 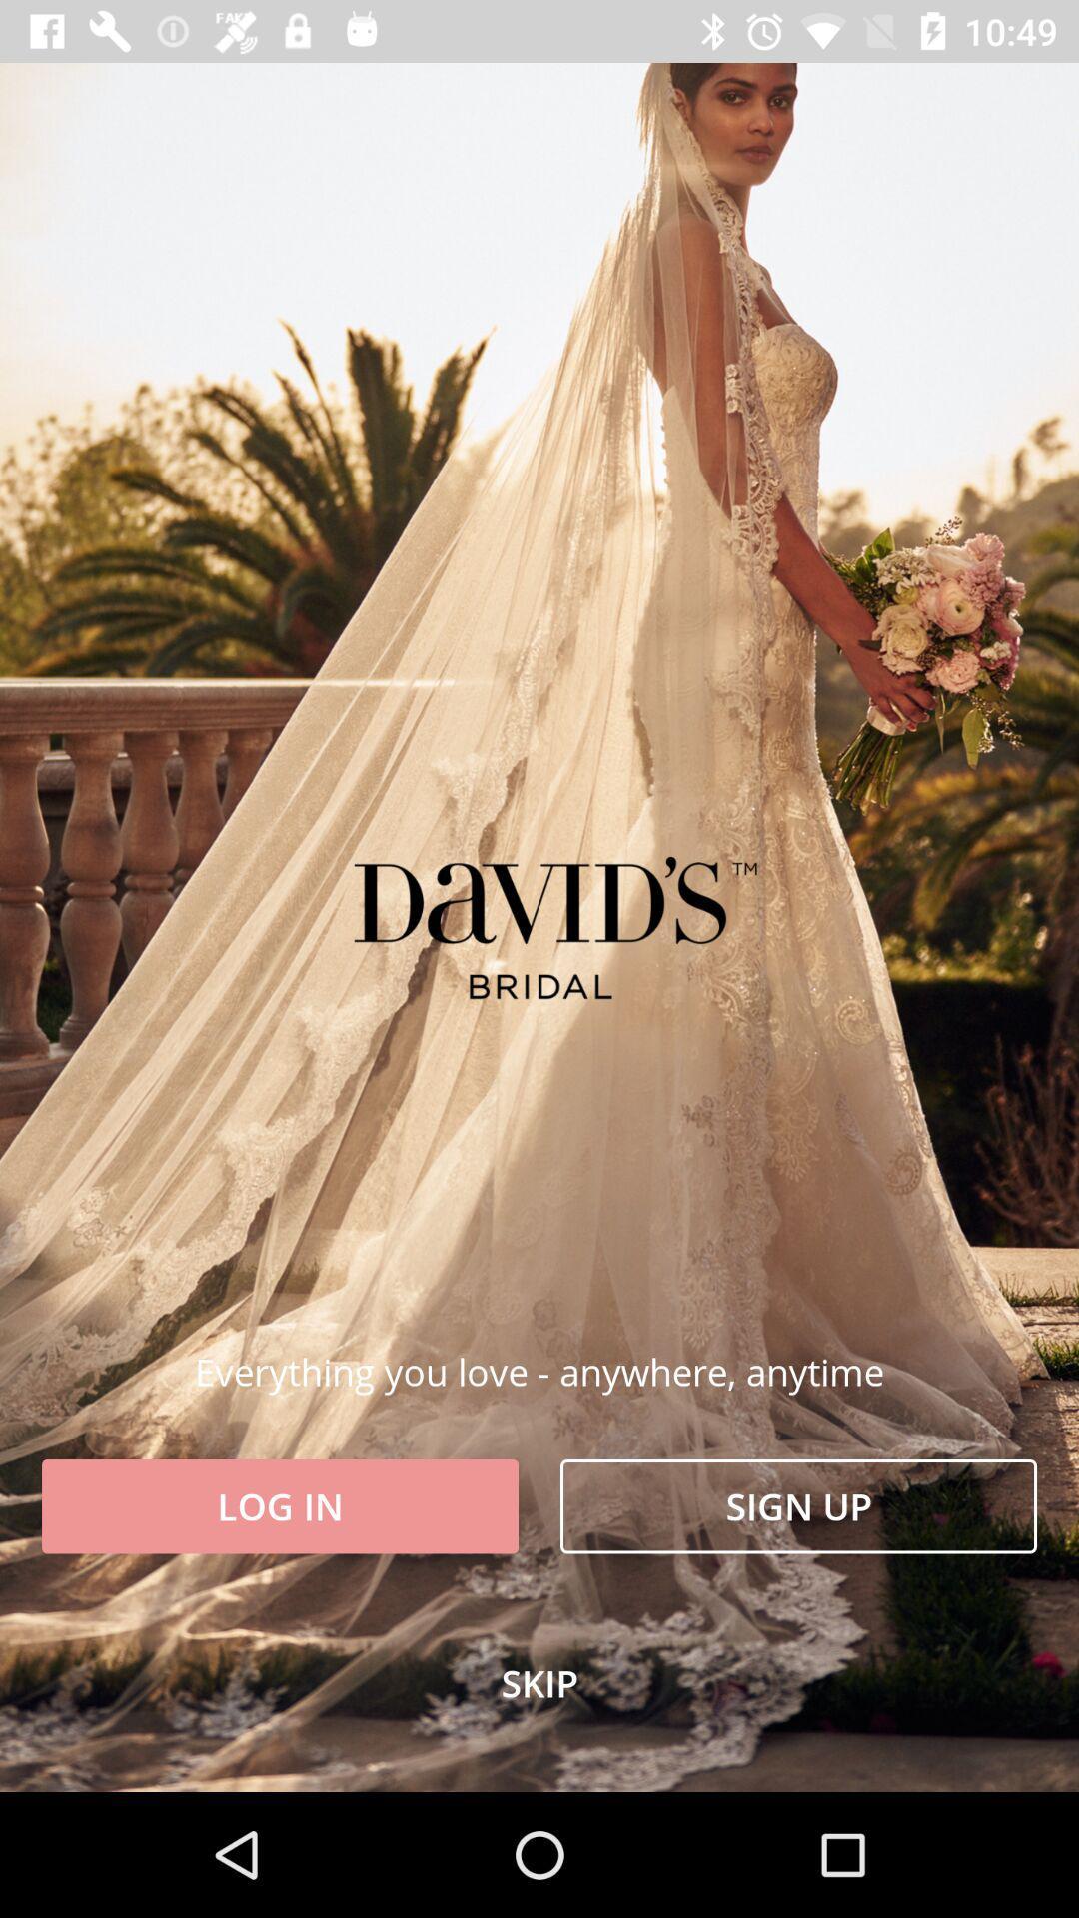 What do you see at coordinates (280, 1506) in the screenshot?
I see `the log in item` at bounding box center [280, 1506].